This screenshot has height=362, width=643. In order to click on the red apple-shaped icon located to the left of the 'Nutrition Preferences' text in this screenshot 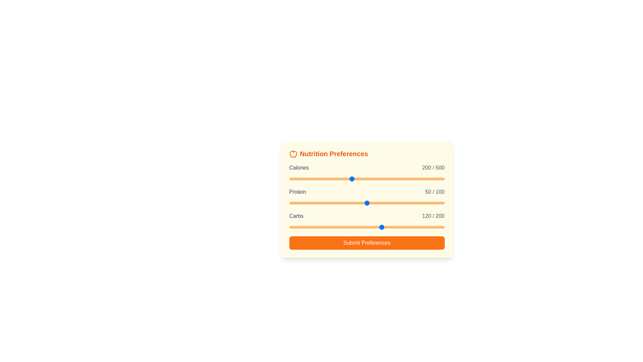, I will do `click(293, 154)`.